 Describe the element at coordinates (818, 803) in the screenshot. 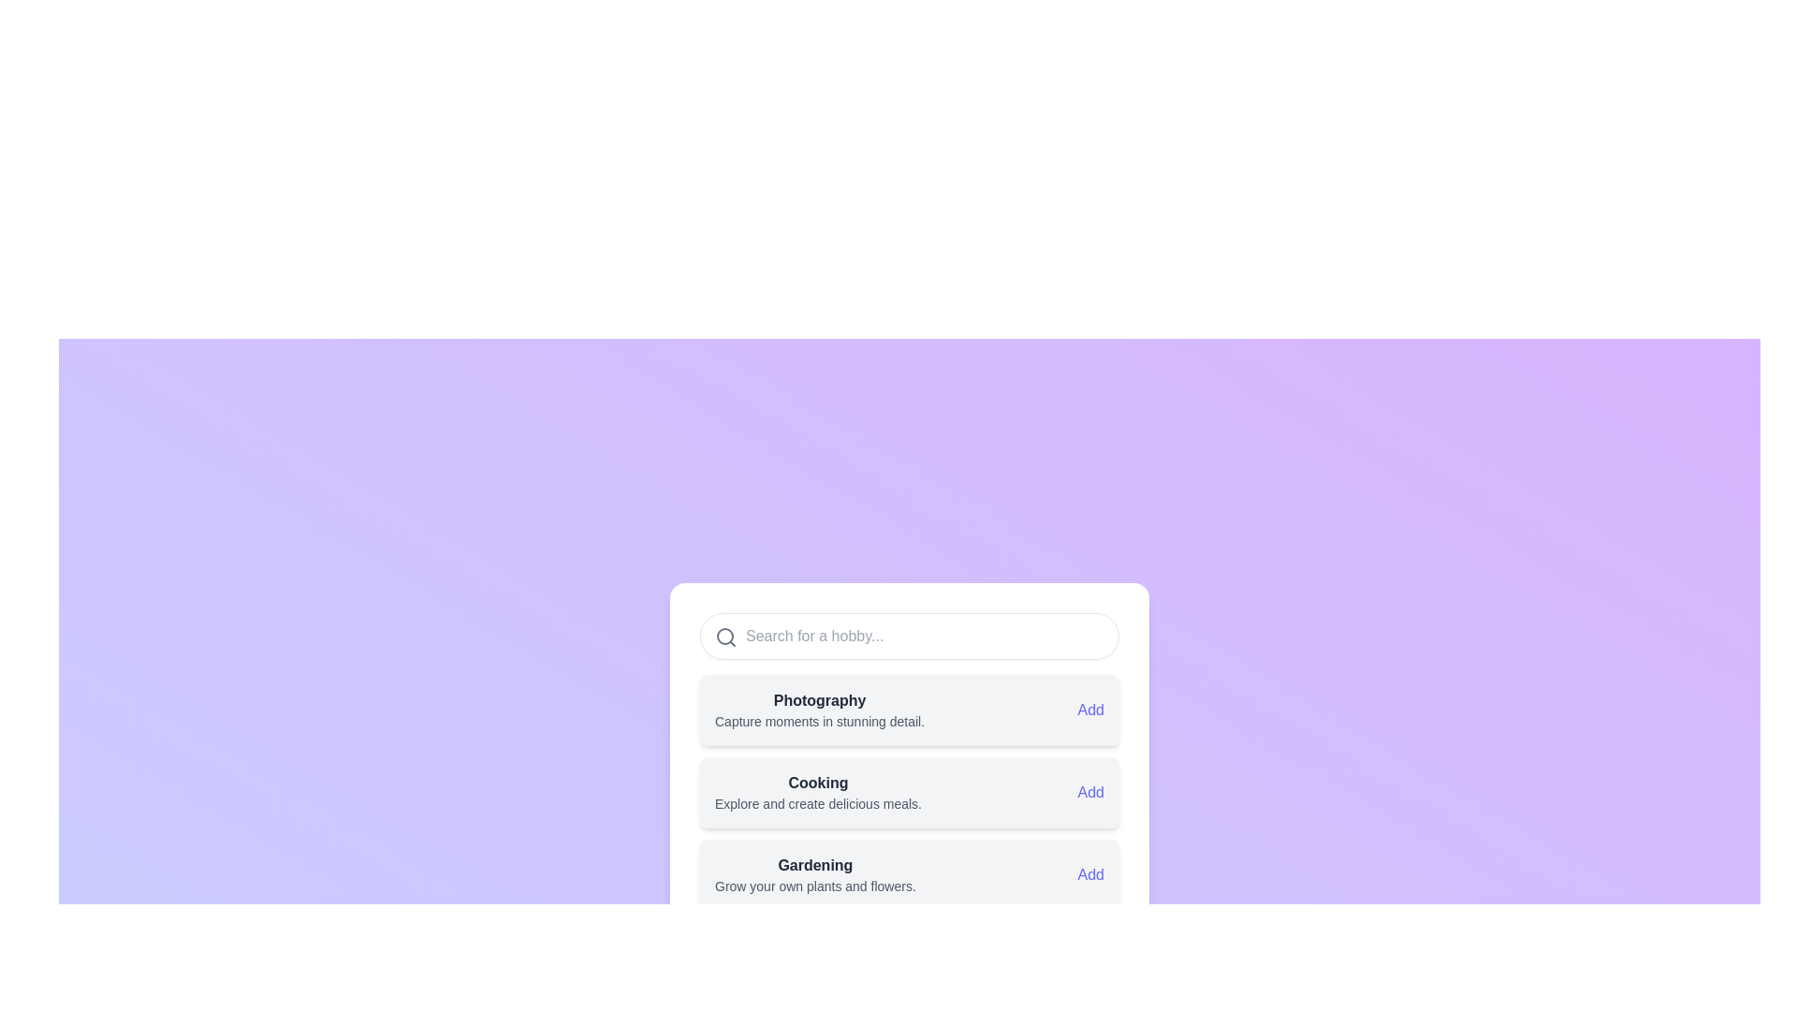

I see `the descriptive text that reads 'Explore and create delicious meals.' which is located beneath the title 'Cooking'` at that location.